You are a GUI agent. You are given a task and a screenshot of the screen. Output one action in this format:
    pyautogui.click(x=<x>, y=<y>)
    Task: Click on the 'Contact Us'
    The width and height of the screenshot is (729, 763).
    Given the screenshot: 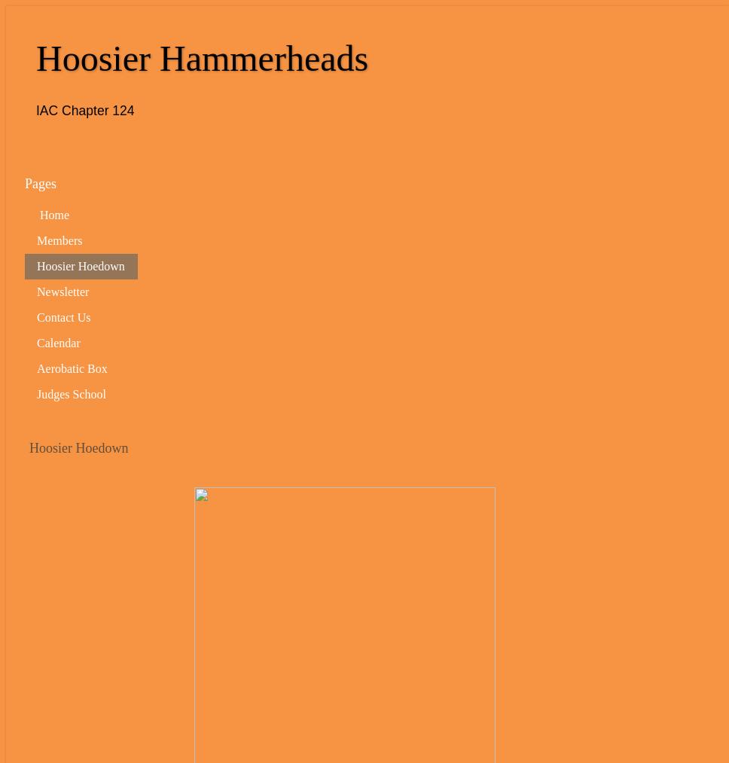 What is the action you would take?
    pyautogui.click(x=63, y=316)
    